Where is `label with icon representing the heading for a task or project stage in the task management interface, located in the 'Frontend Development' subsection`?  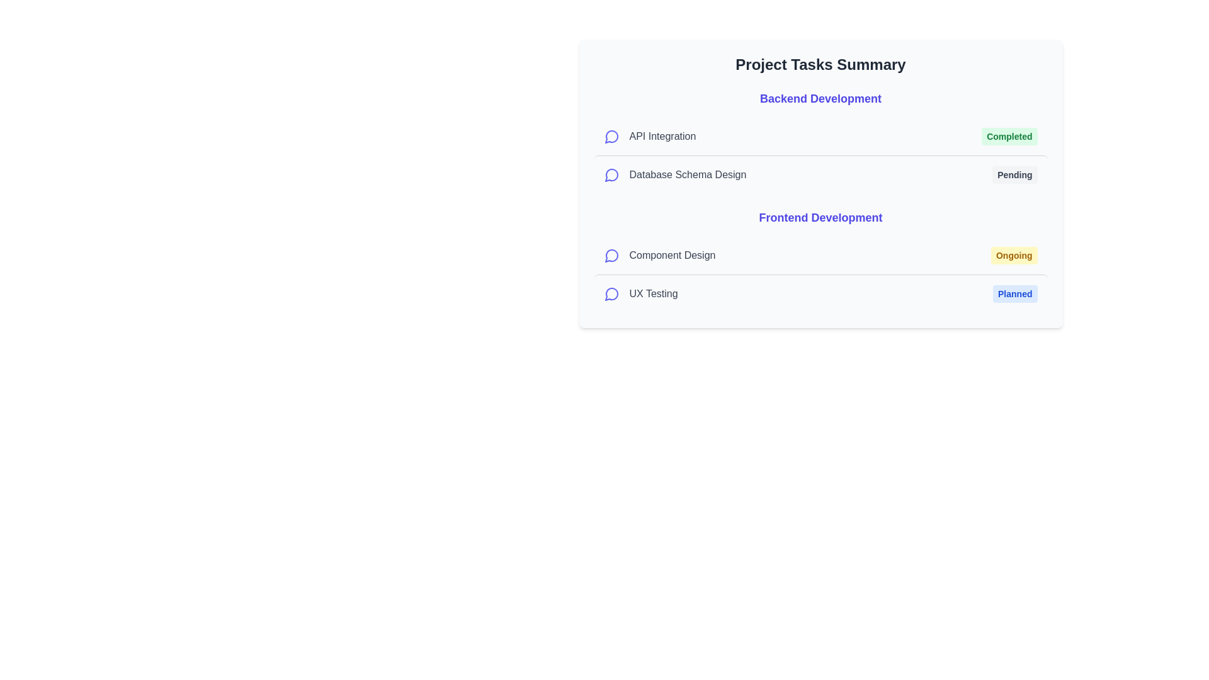 label with icon representing the heading for a task or project stage in the task management interface, located in the 'Frontend Development' subsection is located at coordinates (659, 255).